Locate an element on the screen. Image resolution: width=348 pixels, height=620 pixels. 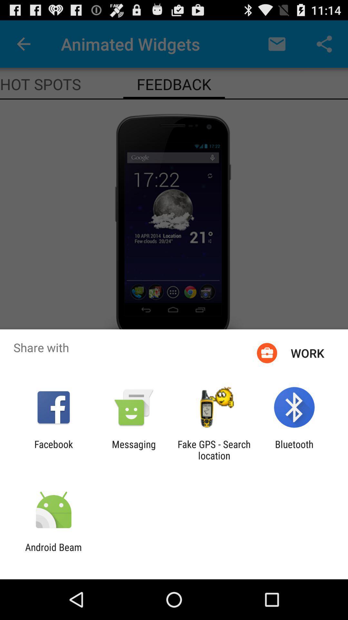
item to the left of bluetooth icon is located at coordinates (214, 449).